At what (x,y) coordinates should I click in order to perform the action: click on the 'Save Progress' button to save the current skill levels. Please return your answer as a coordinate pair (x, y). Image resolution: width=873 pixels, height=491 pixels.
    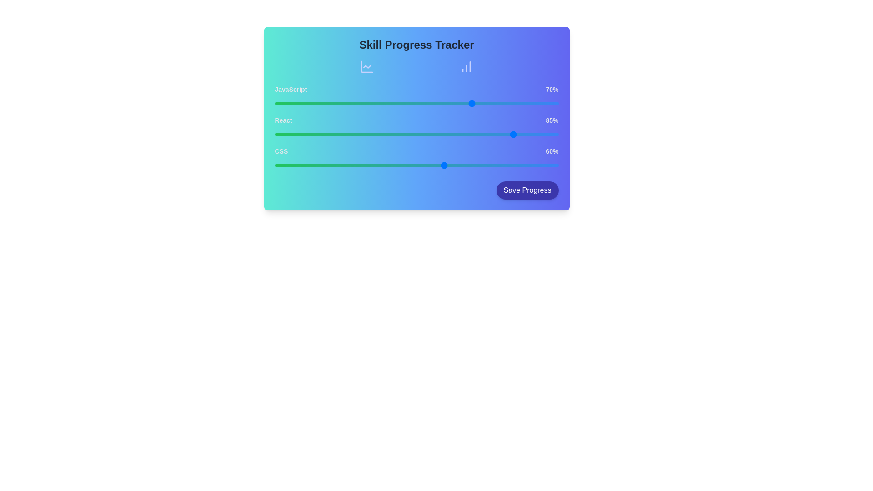
    Looking at the image, I should click on (527, 190).